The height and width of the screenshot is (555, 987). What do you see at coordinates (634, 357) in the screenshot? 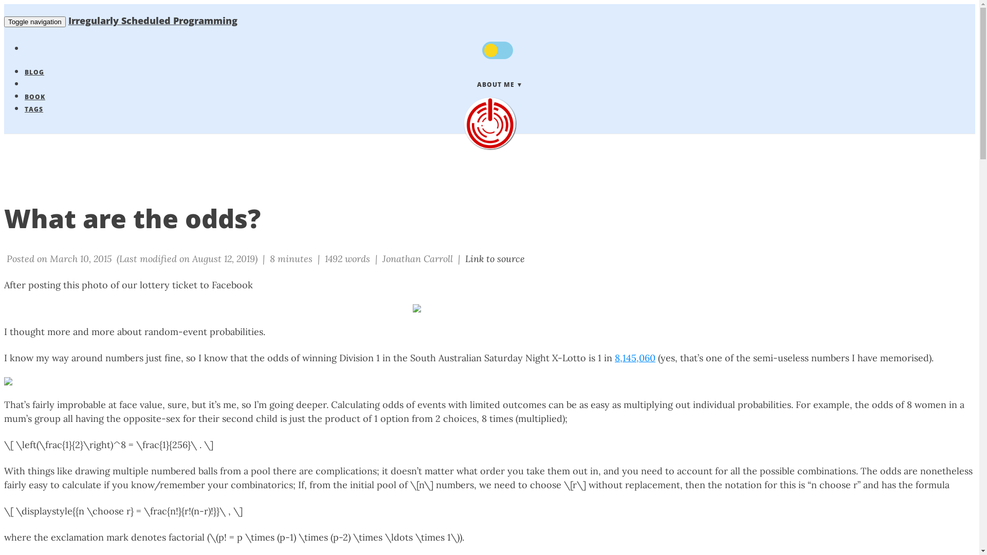
I see `'8,145,060'` at bounding box center [634, 357].